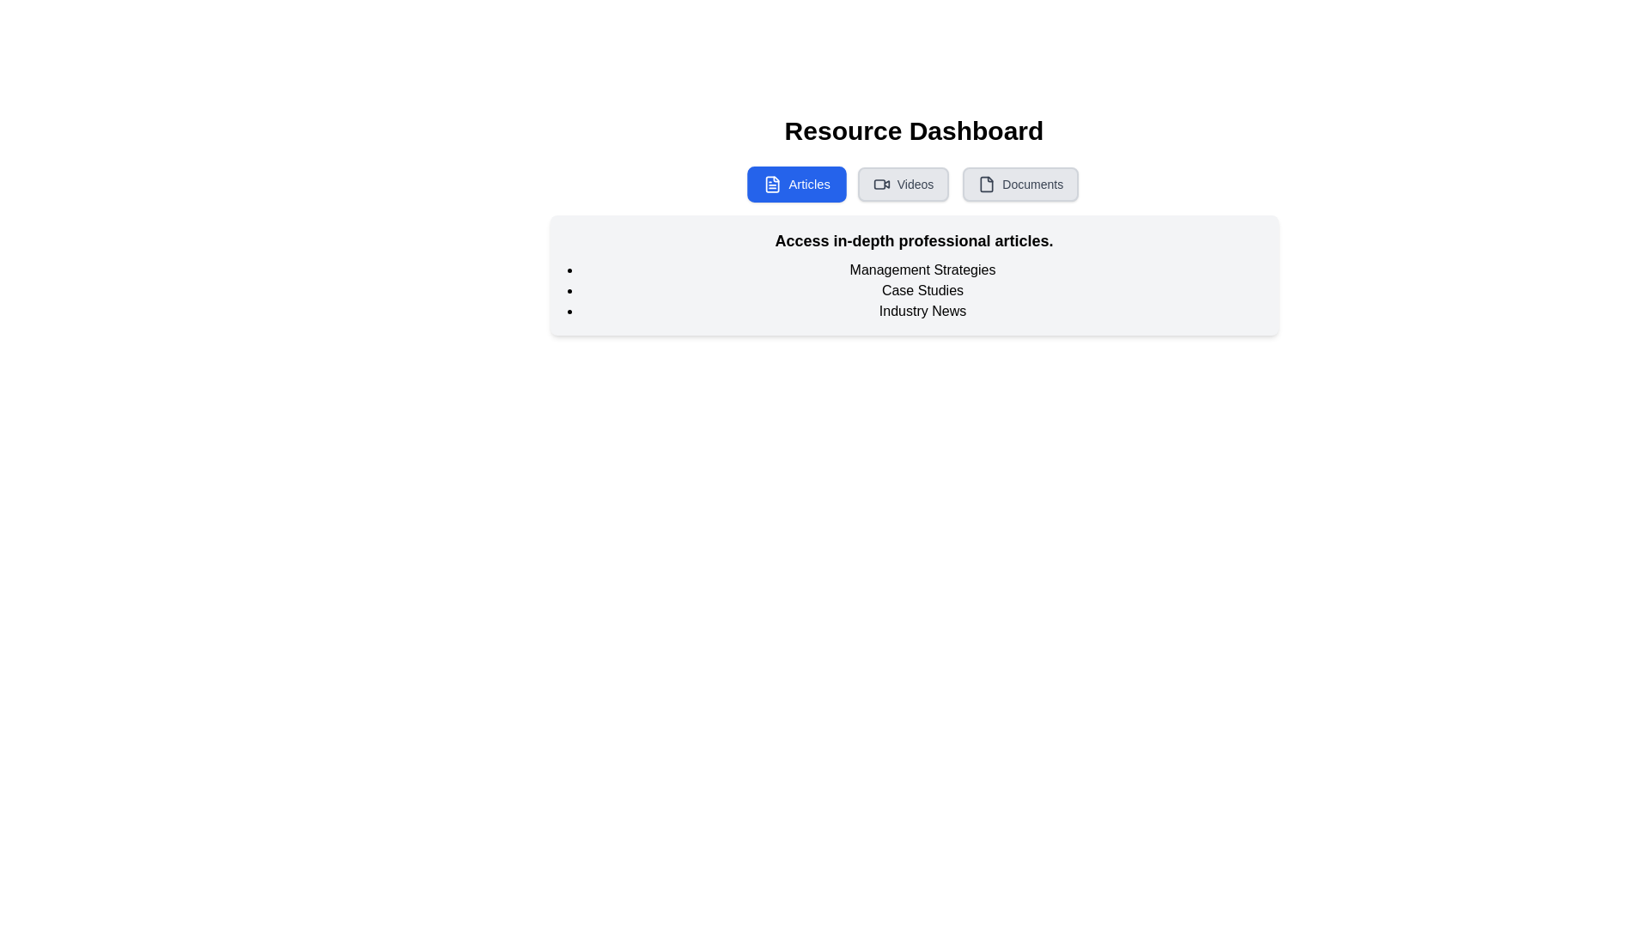 This screenshot has height=927, width=1649. Describe the element at coordinates (881, 185) in the screenshot. I see `the 'Videos' tab, which is represented by a grey outlined camera icon with a play button, located as the leftmost icon in the 'Videos' button of the tab group` at that location.